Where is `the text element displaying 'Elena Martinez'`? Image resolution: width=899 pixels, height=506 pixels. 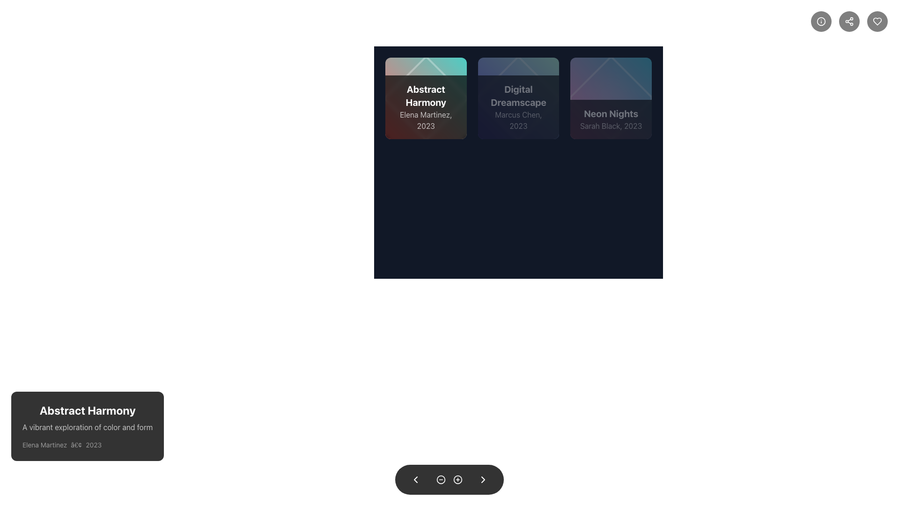
the text element displaying 'Elena Martinez' is located at coordinates (44, 444).